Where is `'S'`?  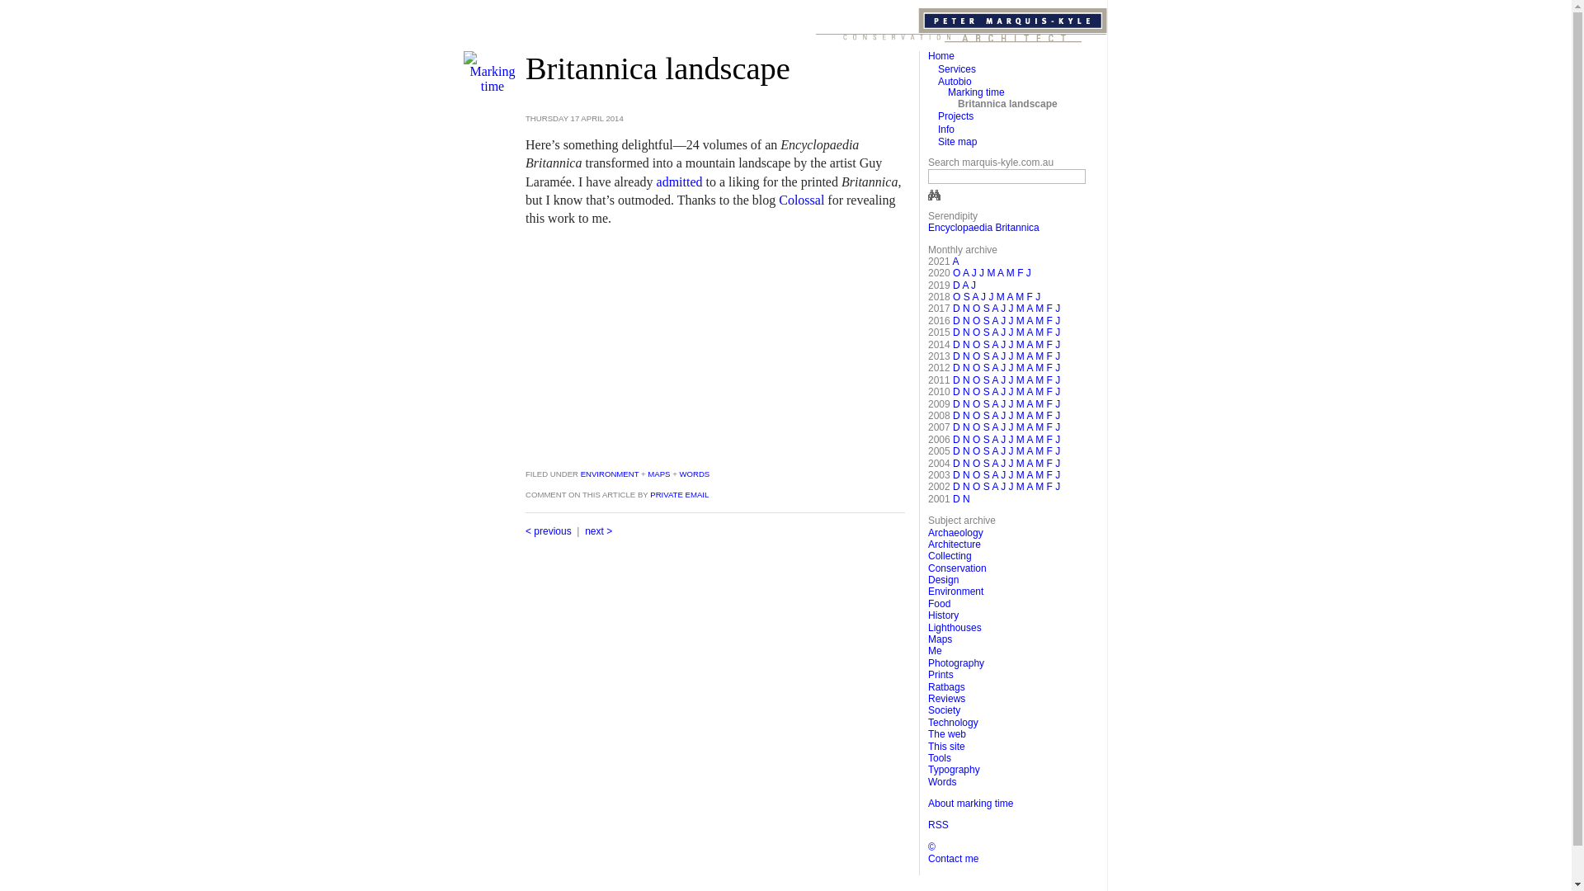
'S' is located at coordinates (966, 295).